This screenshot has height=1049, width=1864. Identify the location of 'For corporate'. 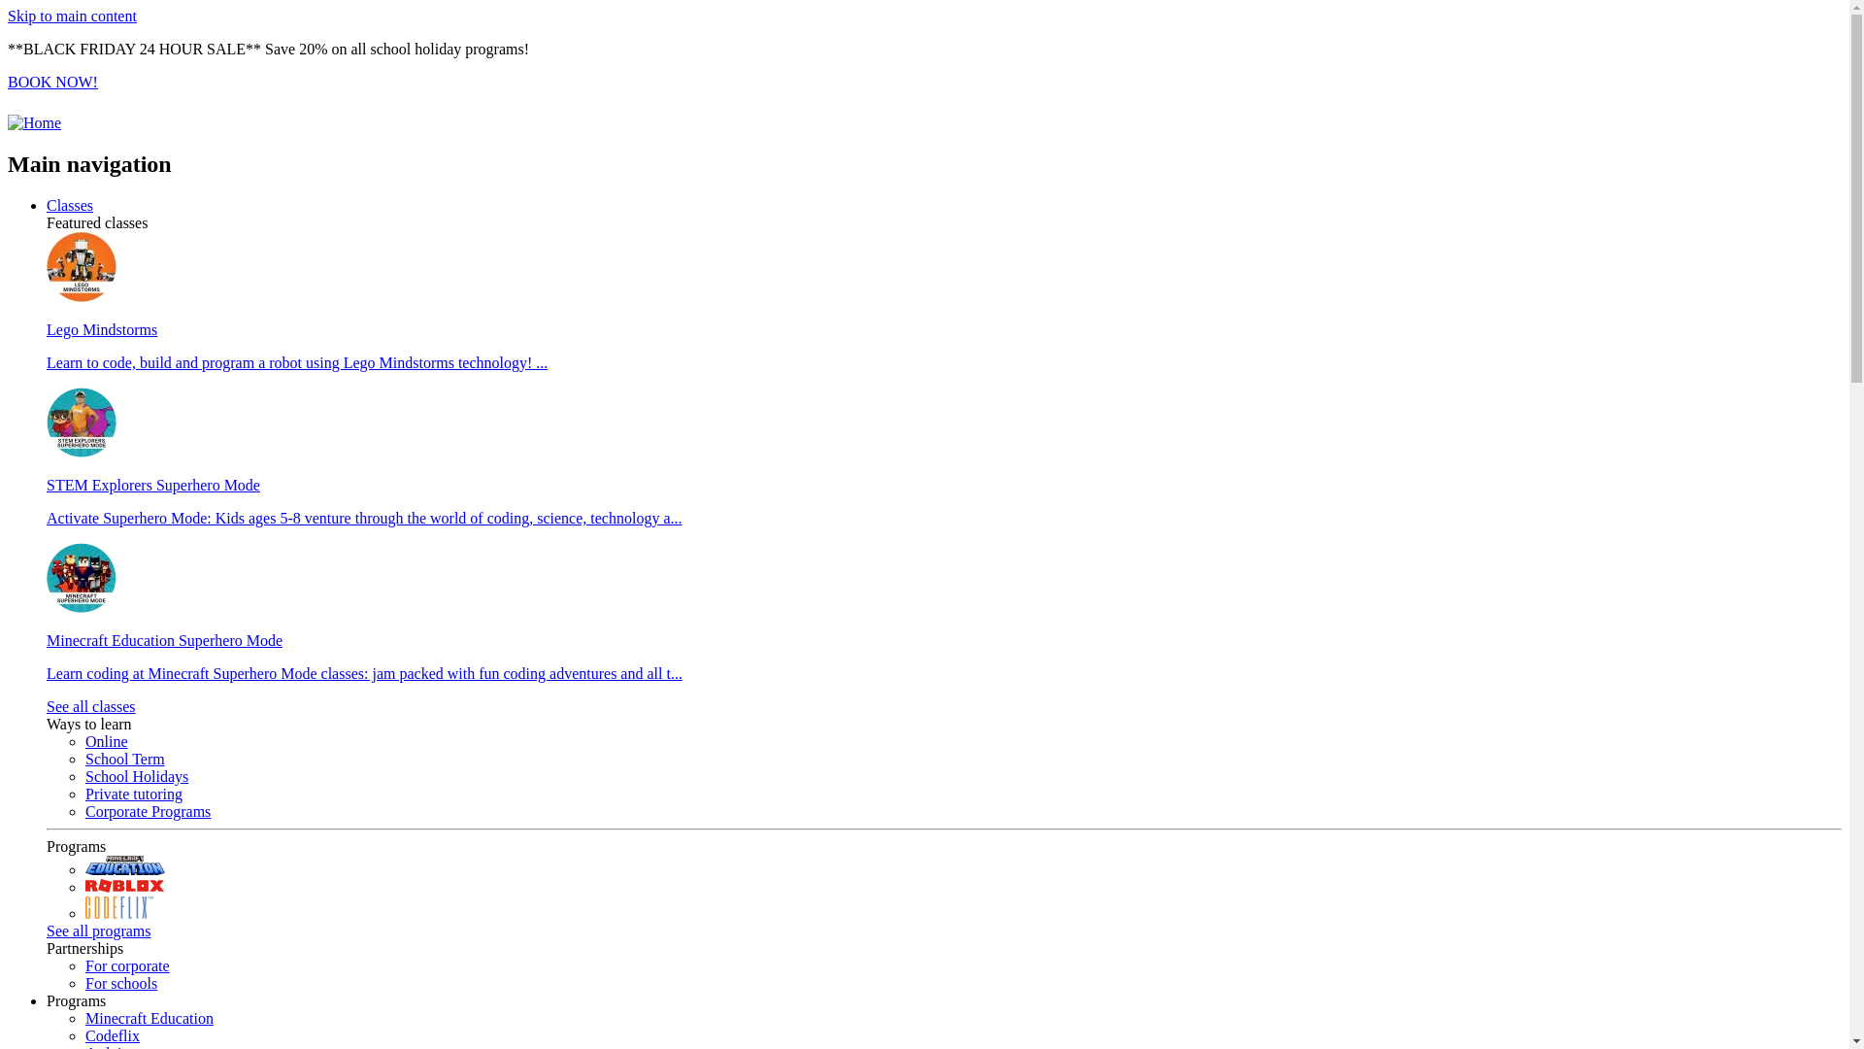
(126, 965).